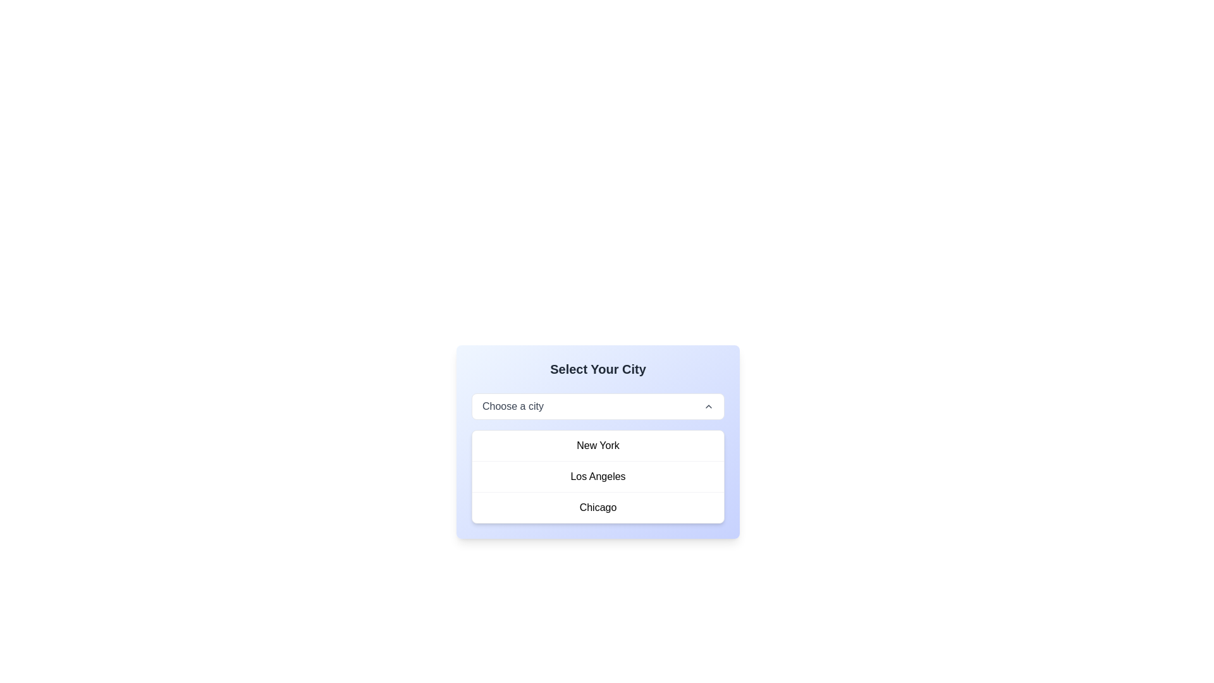  I want to click on the third list item in the dropdown menu, so click(597, 507).